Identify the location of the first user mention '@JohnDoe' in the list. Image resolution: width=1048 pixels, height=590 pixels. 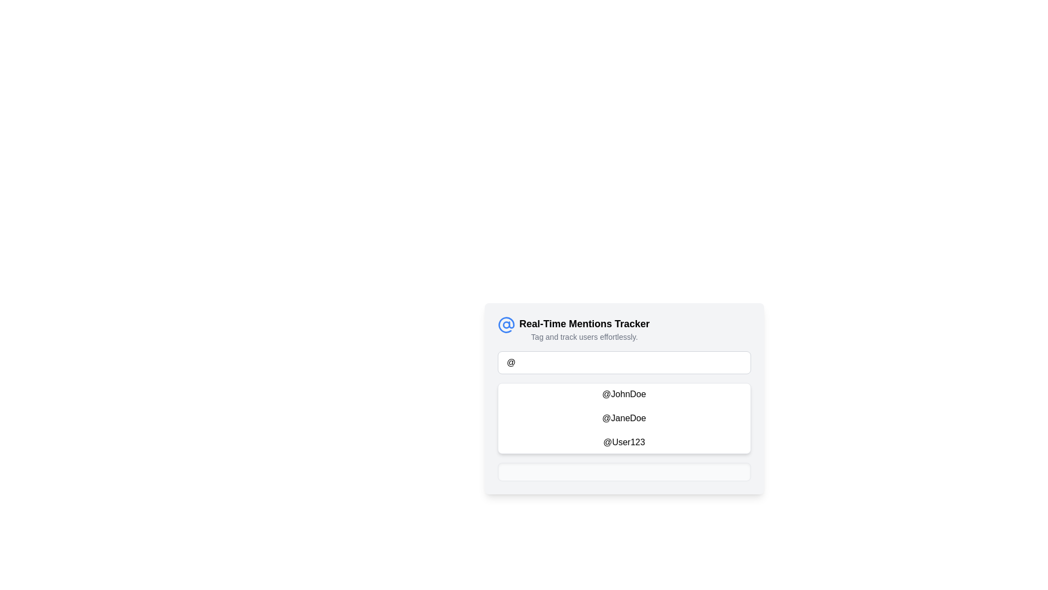
(624, 394).